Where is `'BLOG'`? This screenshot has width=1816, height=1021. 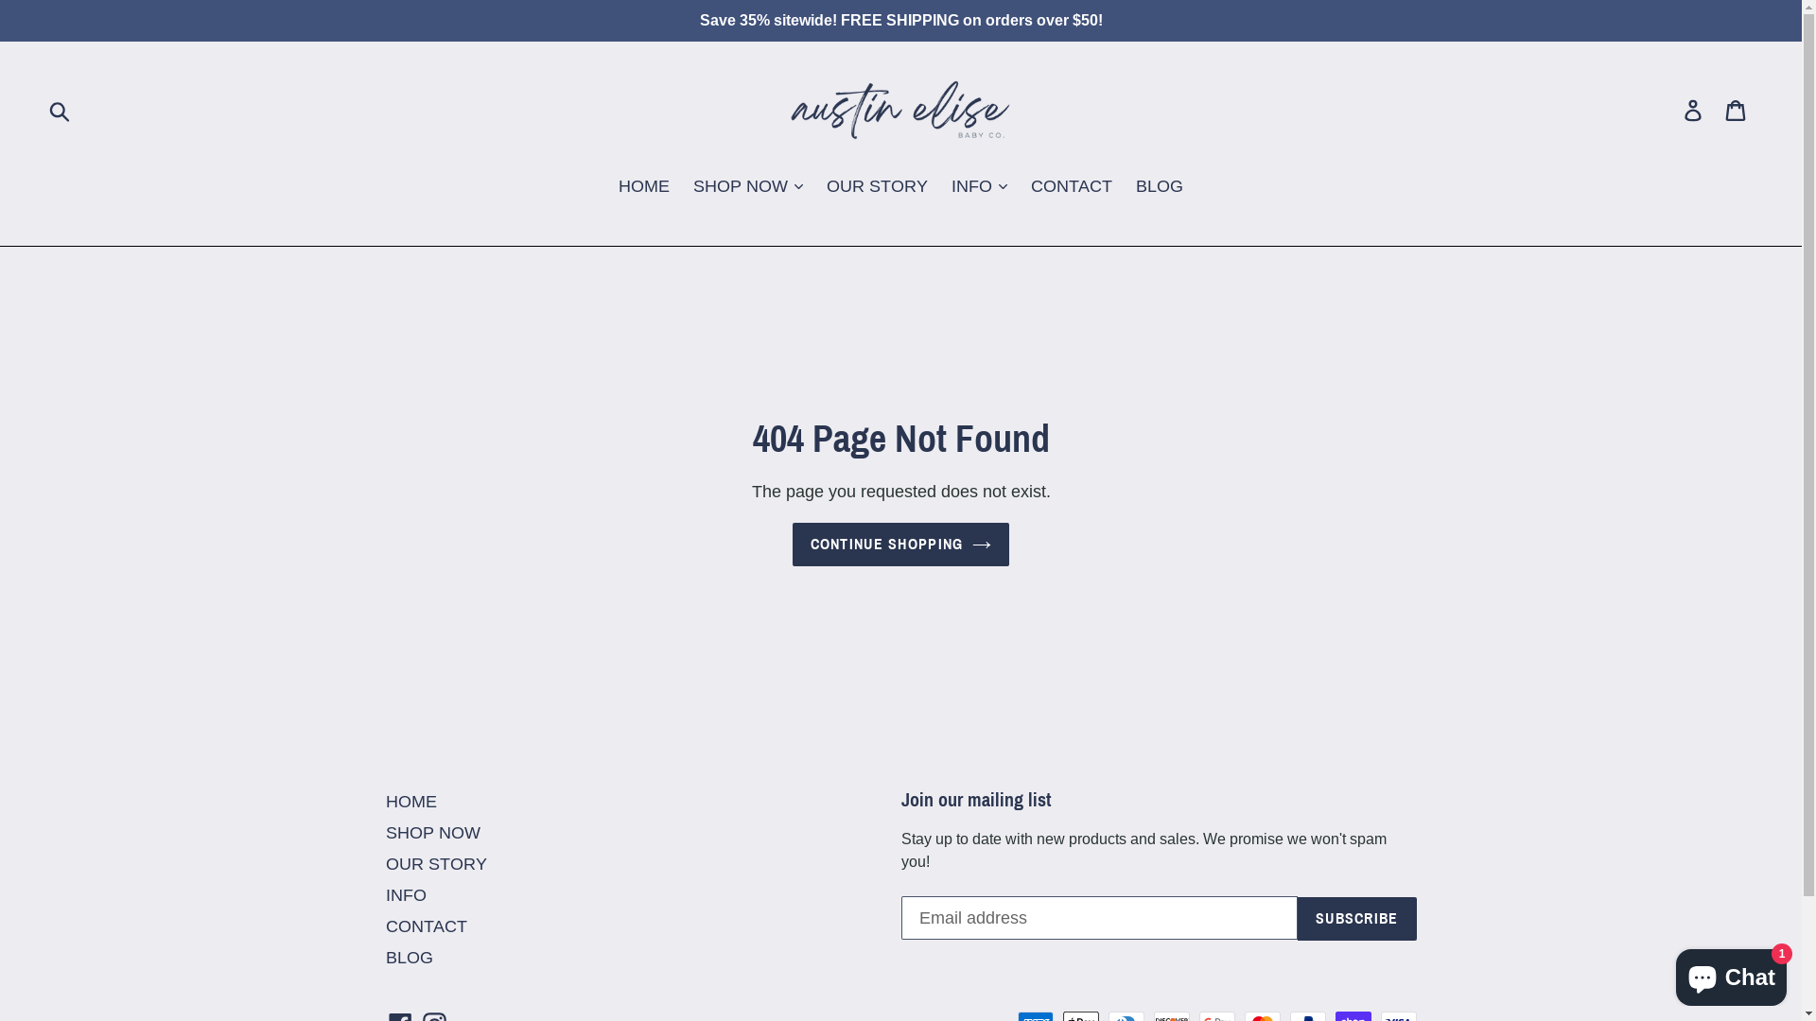 'BLOG' is located at coordinates (408, 957).